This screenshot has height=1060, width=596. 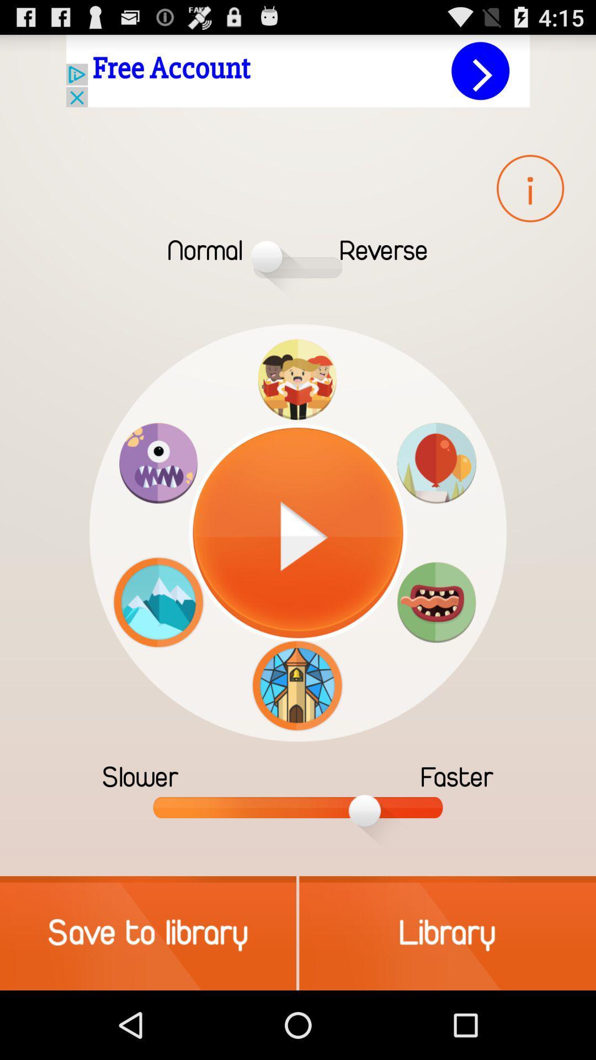 I want to click on the logo below play button, so click(x=297, y=685).